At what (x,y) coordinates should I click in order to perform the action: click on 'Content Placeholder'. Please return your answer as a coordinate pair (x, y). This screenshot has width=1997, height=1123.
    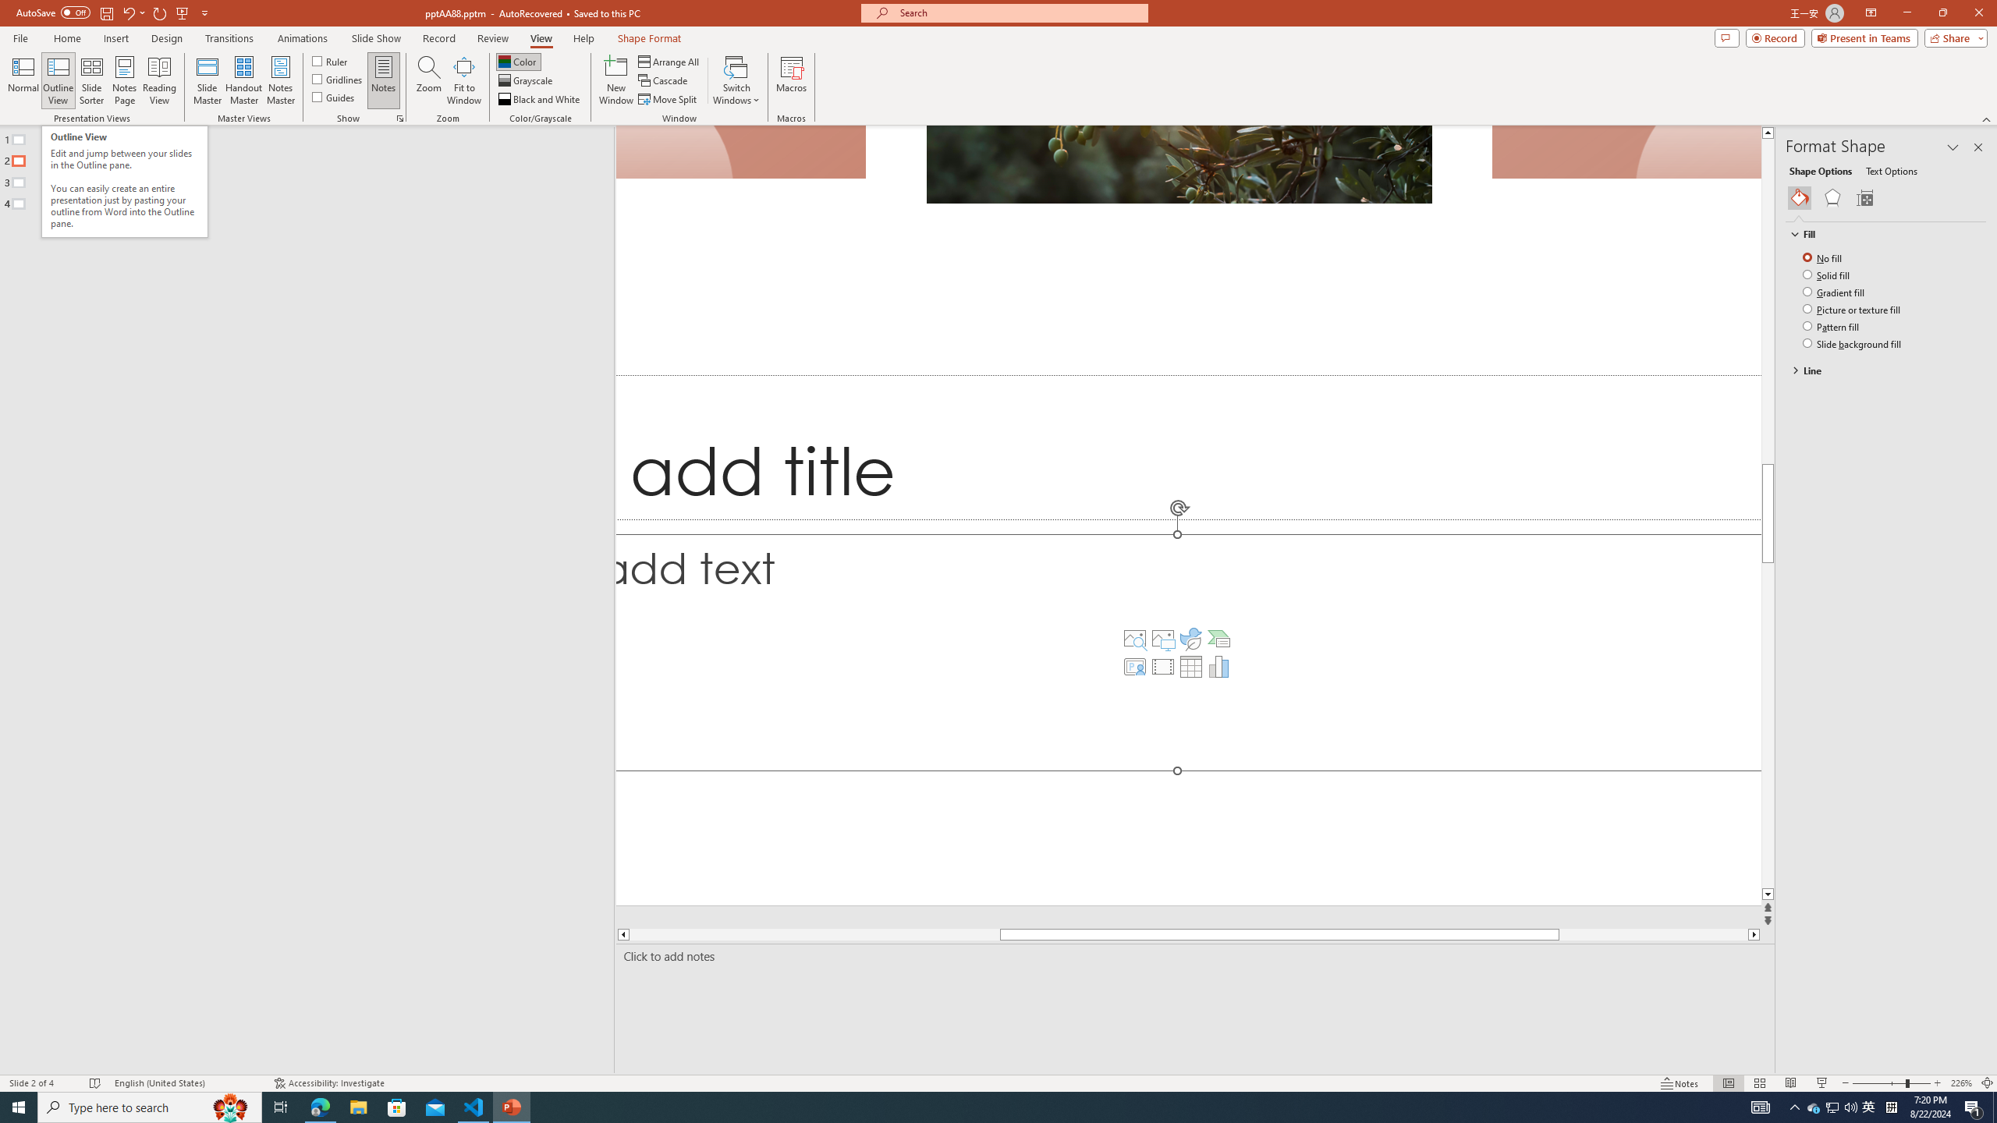
    Looking at the image, I should click on (1189, 651).